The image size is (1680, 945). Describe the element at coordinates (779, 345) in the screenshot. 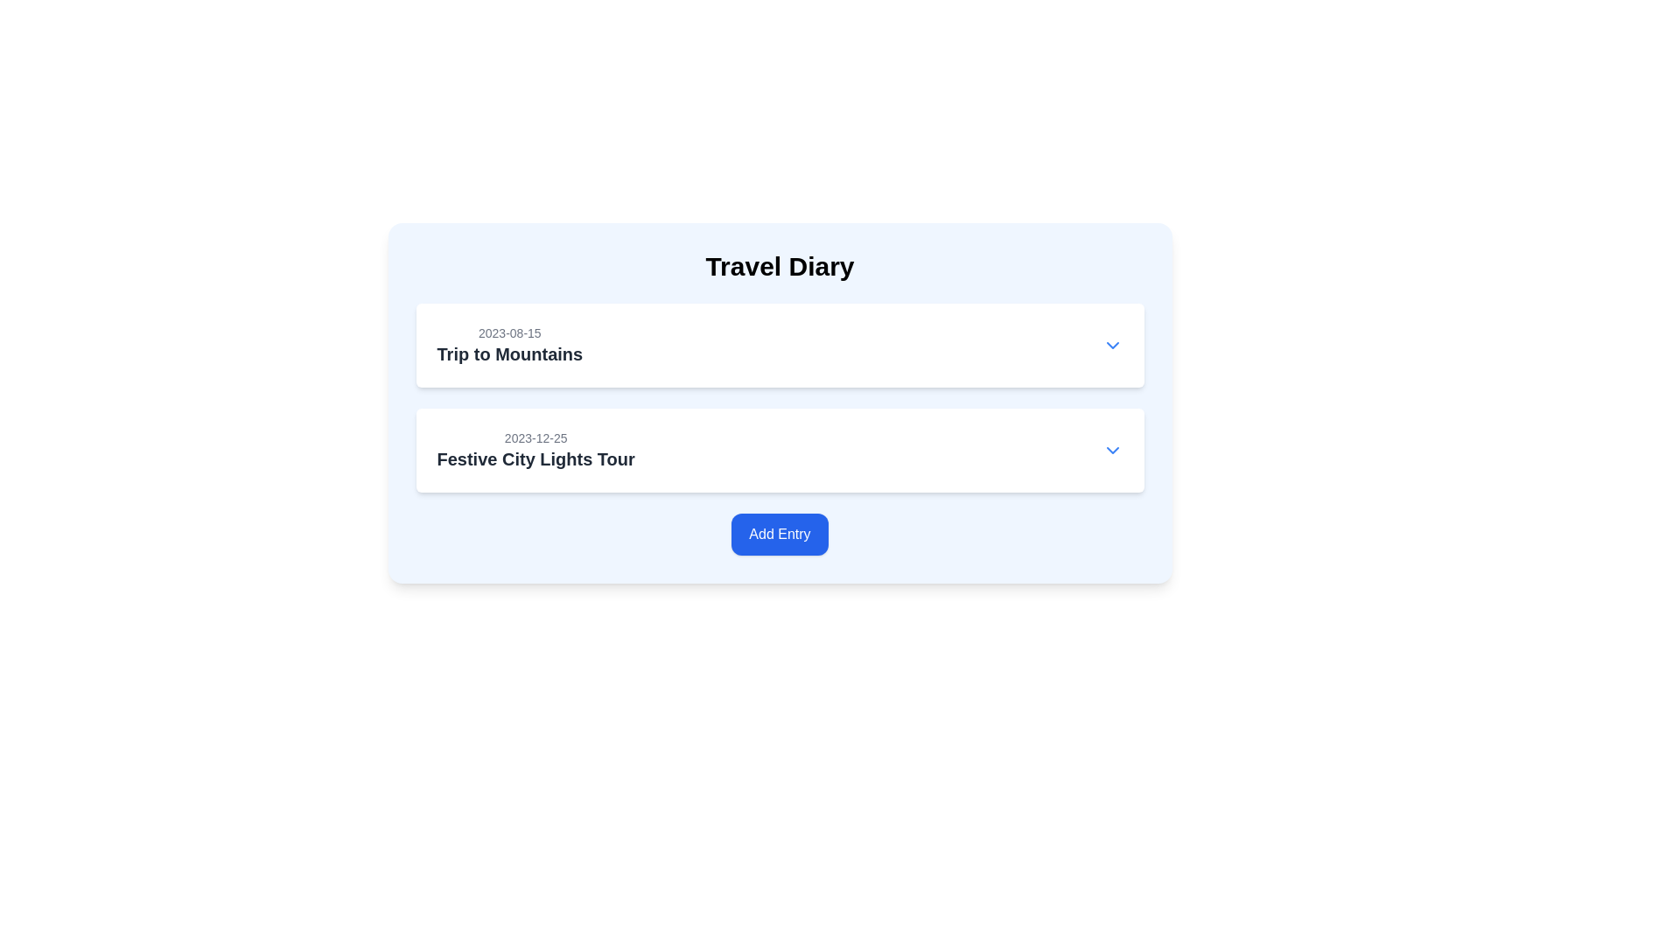

I see `the date or title of the travel diary entry displayed in the white rounded rectangle, which includes an interactive dropdown for additional actions or details` at that location.